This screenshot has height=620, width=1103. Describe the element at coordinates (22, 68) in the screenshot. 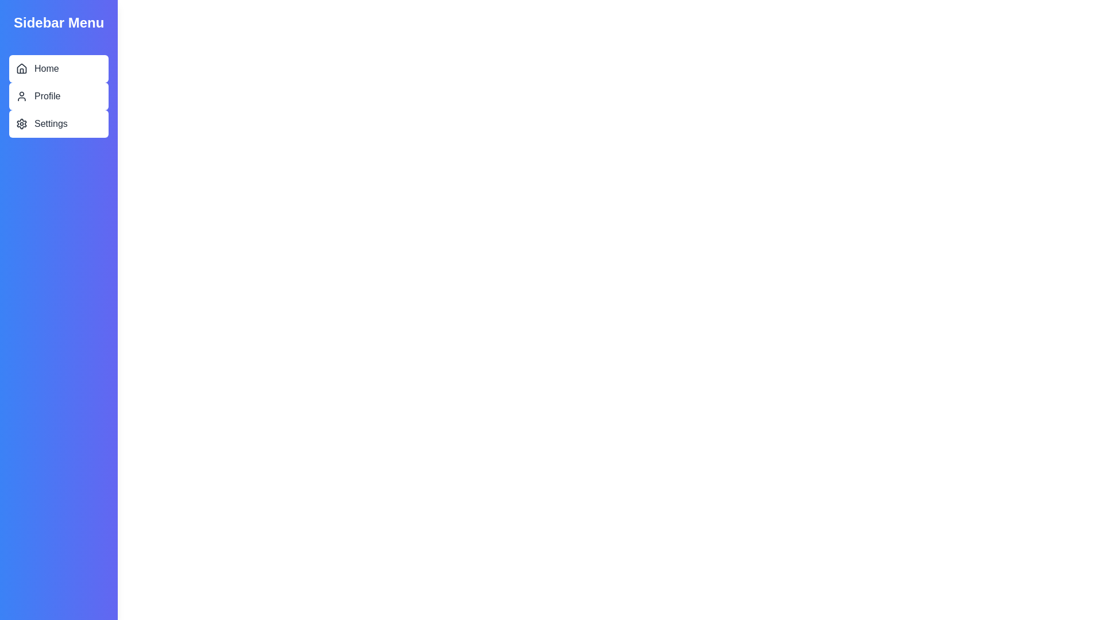

I see `the visual representation of the house icon located in the 'Home' menu item in the sidebar, which is the leftmost element of the menu` at that location.